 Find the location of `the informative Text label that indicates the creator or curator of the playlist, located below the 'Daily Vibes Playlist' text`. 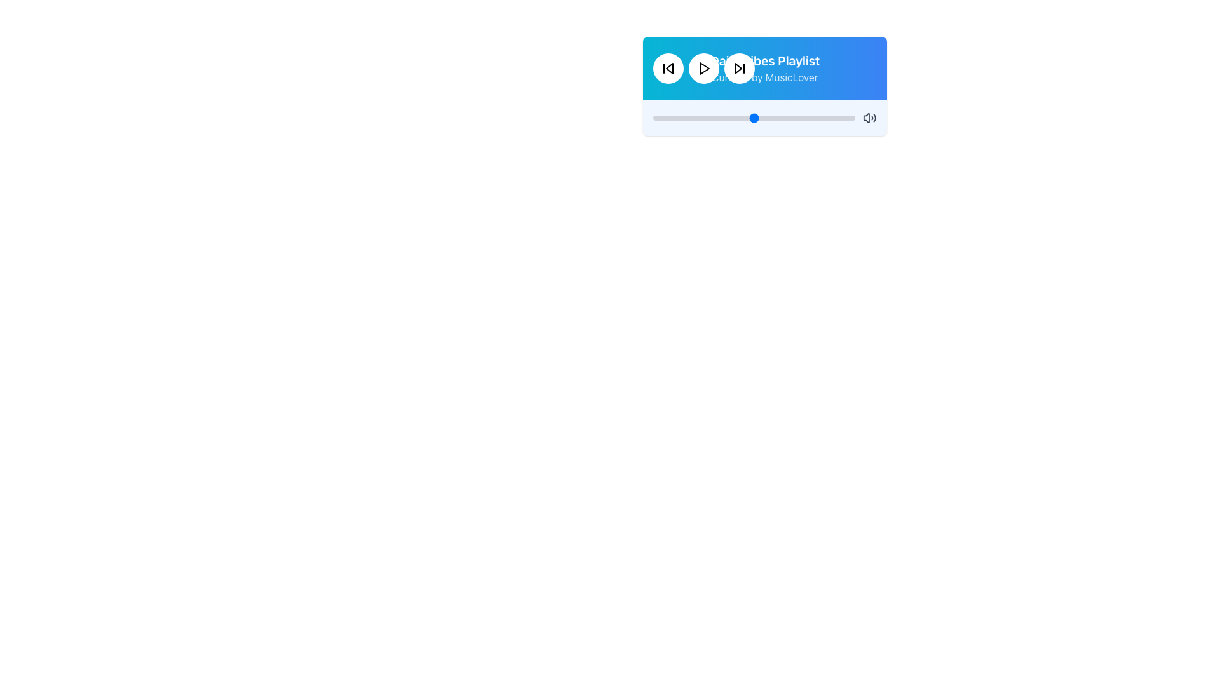

the informative Text label that indicates the creator or curator of the playlist, located below the 'Daily Vibes Playlist' text is located at coordinates (764, 77).